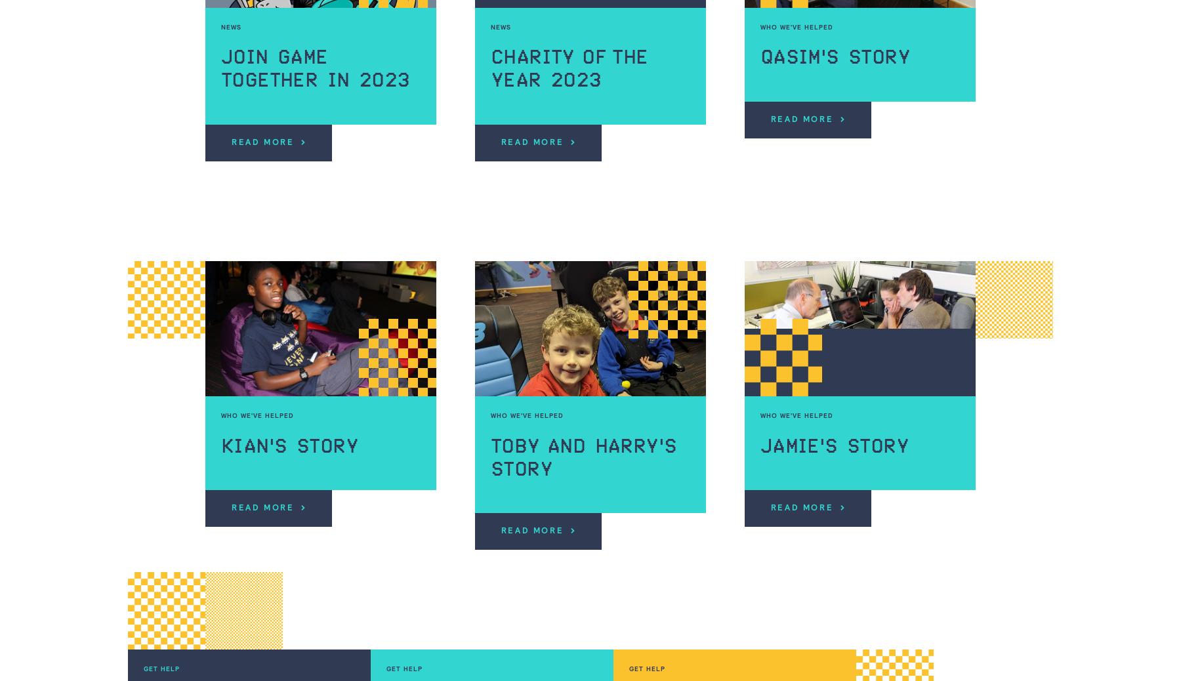 This screenshot has height=681, width=1181. I want to click on 'Toby and Harry's story', so click(583, 457).